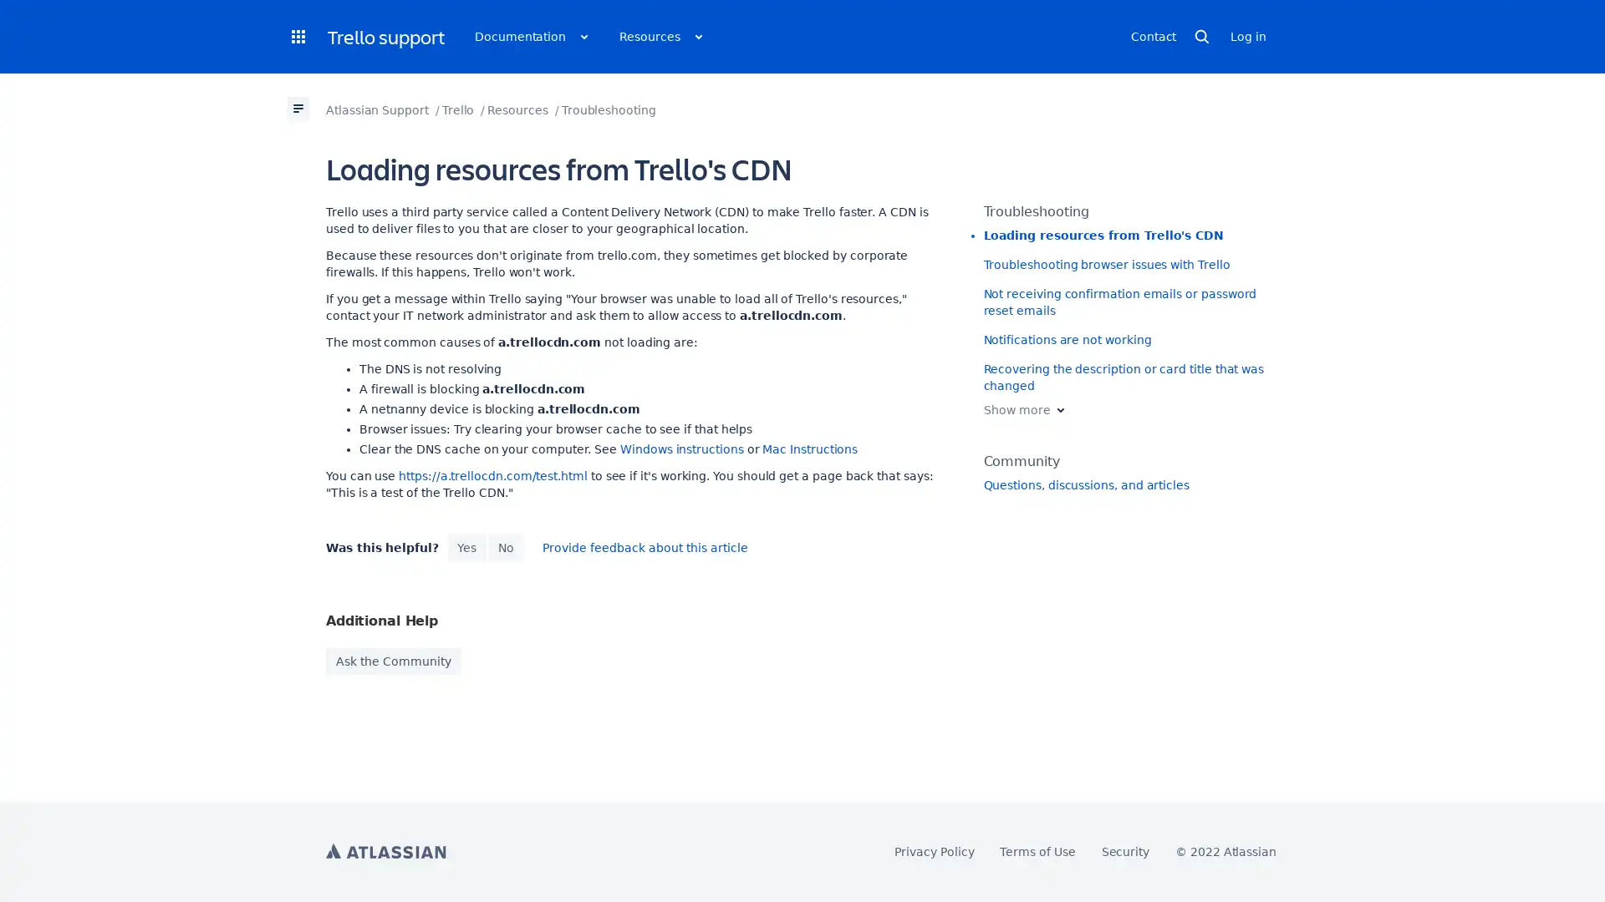 This screenshot has height=902, width=1605. What do you see at coordinates (1026, 409) in the screenshot?
I see `Show more Expand sibling pages list` at bounding box center [1026, 409].